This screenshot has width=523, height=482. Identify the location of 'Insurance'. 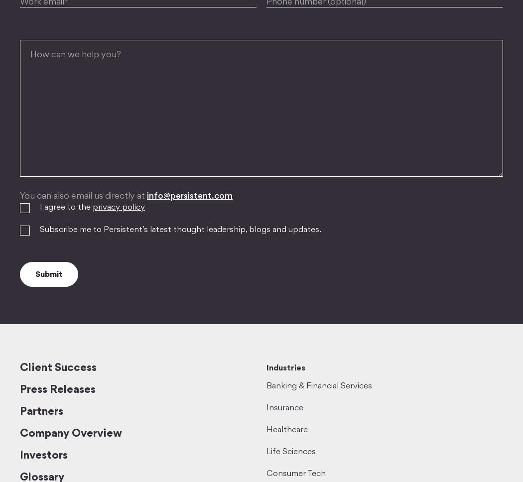
(284, 408).